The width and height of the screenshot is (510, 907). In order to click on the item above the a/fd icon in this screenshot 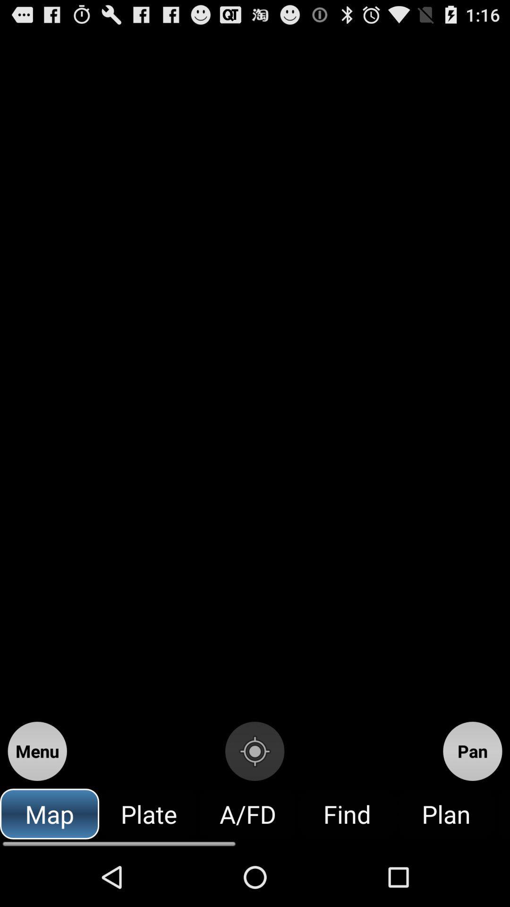, I will do `click(254, 751)`.